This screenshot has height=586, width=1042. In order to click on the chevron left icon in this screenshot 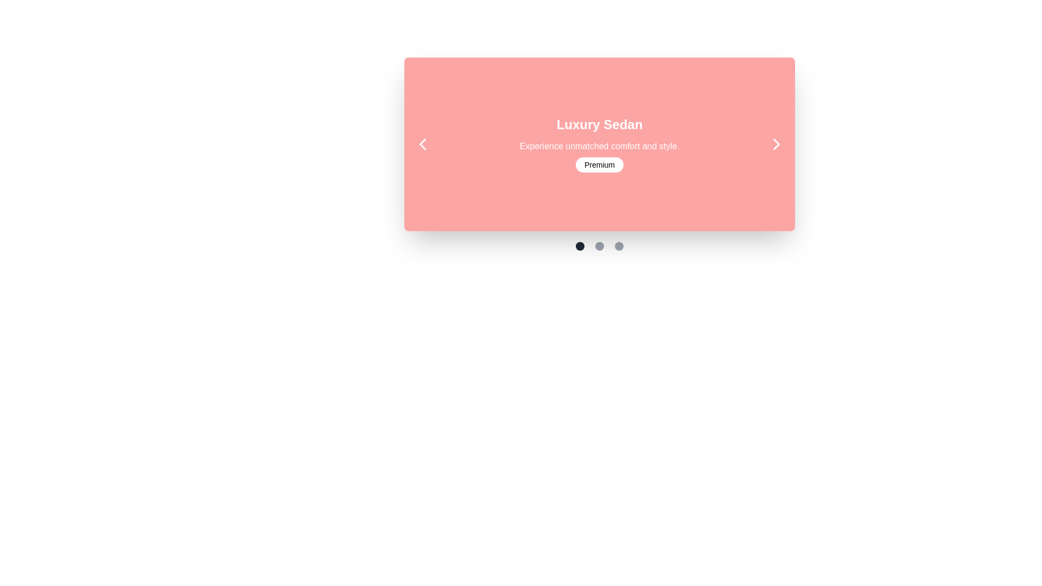, I will do `click(422, 144)`.